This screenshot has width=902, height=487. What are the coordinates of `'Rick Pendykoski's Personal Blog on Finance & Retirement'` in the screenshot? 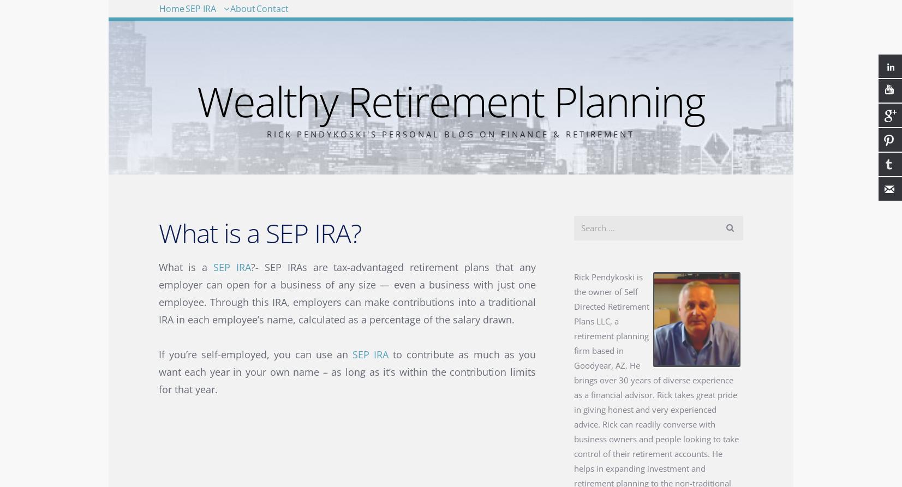 It's located at (450, 133).